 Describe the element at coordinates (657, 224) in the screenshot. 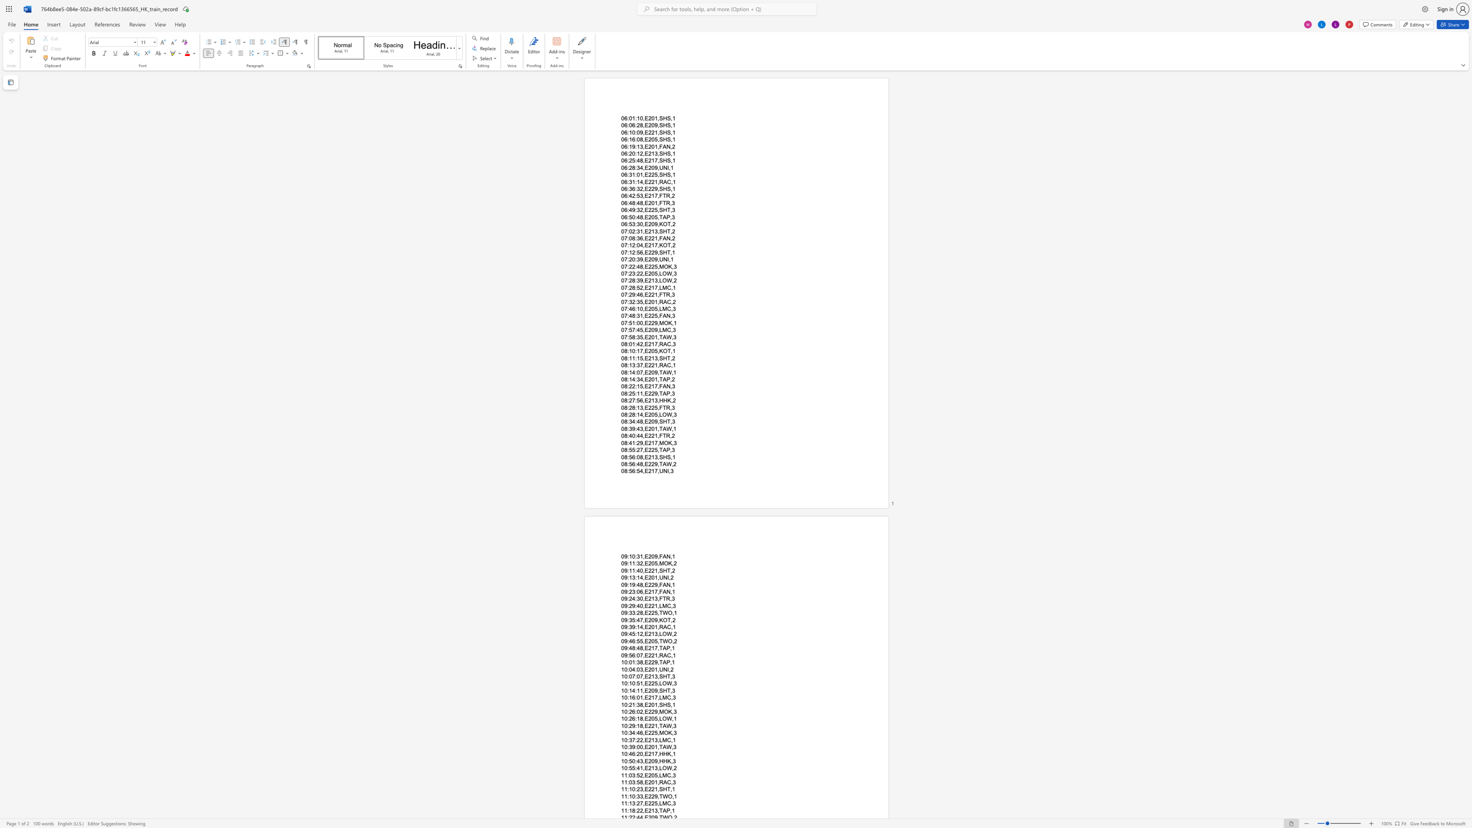

I see `the subset text ",KOT," within the text "06:53:30,E209,KOT,2"` at that location.